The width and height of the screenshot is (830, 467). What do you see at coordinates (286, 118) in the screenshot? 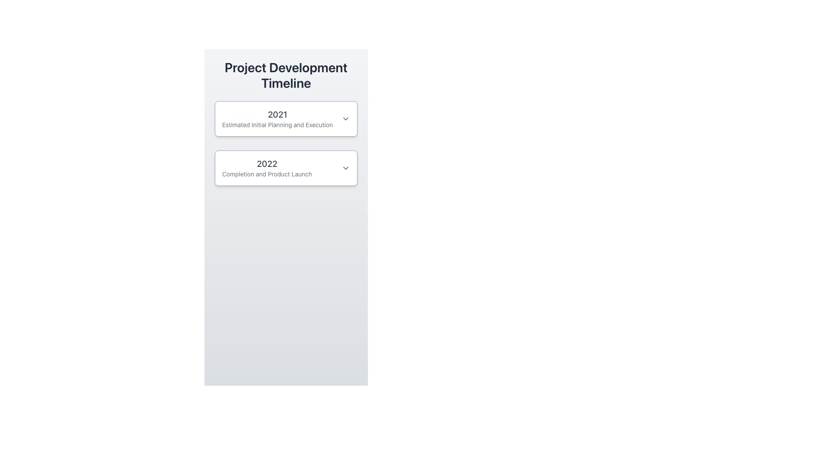
I see `the first ListItem element in the Project Development Timeline, which contains the text '2021' and a downward arrow icon` at bounding box center [286, 118].